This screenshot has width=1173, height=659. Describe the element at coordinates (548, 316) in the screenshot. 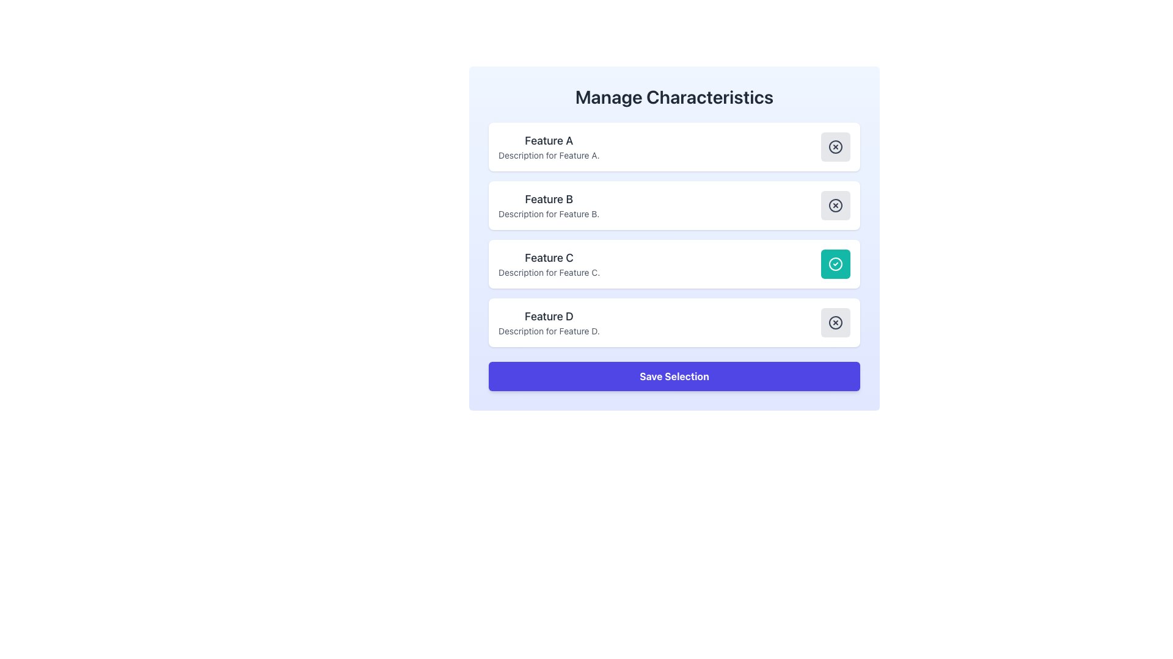

I see `the text element displaying 'Feature D', which is bold and dark gray, located at the top of the fourth feature block` at that location.